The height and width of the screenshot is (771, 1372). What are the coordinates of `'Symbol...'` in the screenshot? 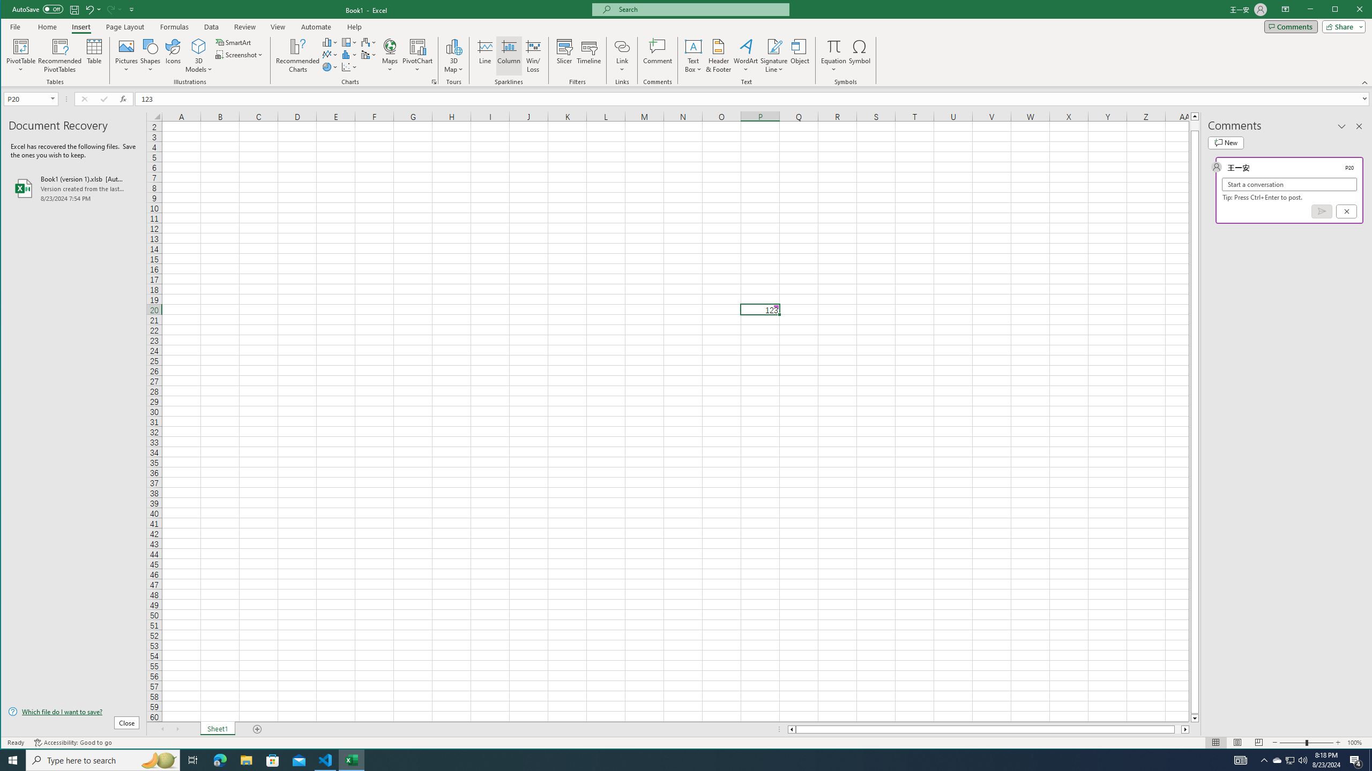 It's located at (860, 55).